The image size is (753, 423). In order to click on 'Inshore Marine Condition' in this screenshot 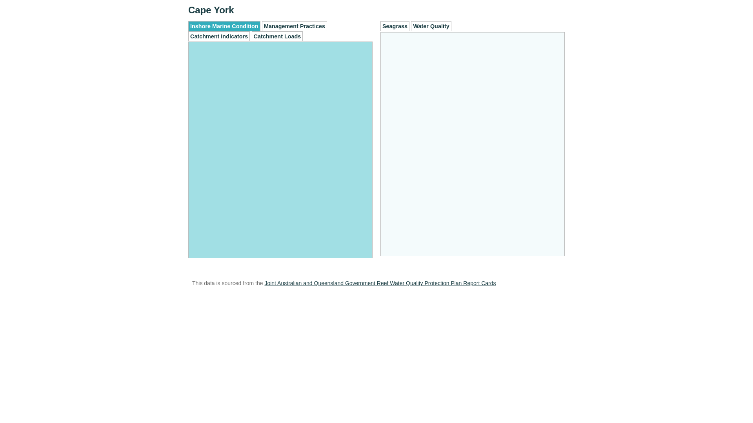, I will do `click(224, 25)`.